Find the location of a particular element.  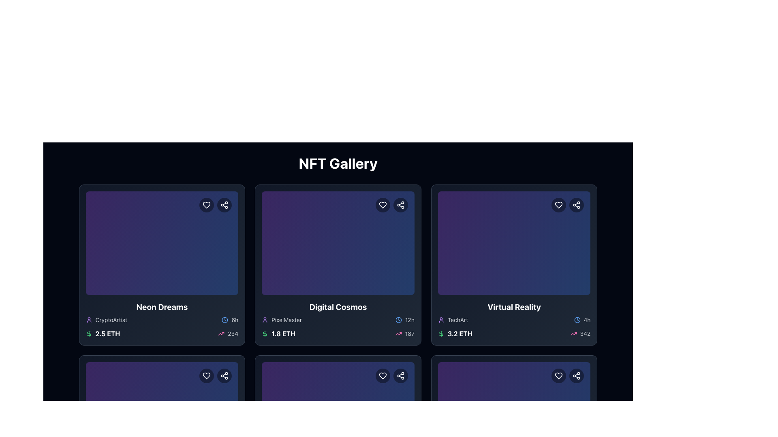

the SVG share icon located in the top-right corner of the 'Virtual Reality' card in the NFT gallery is located at coordinates (576, 204).